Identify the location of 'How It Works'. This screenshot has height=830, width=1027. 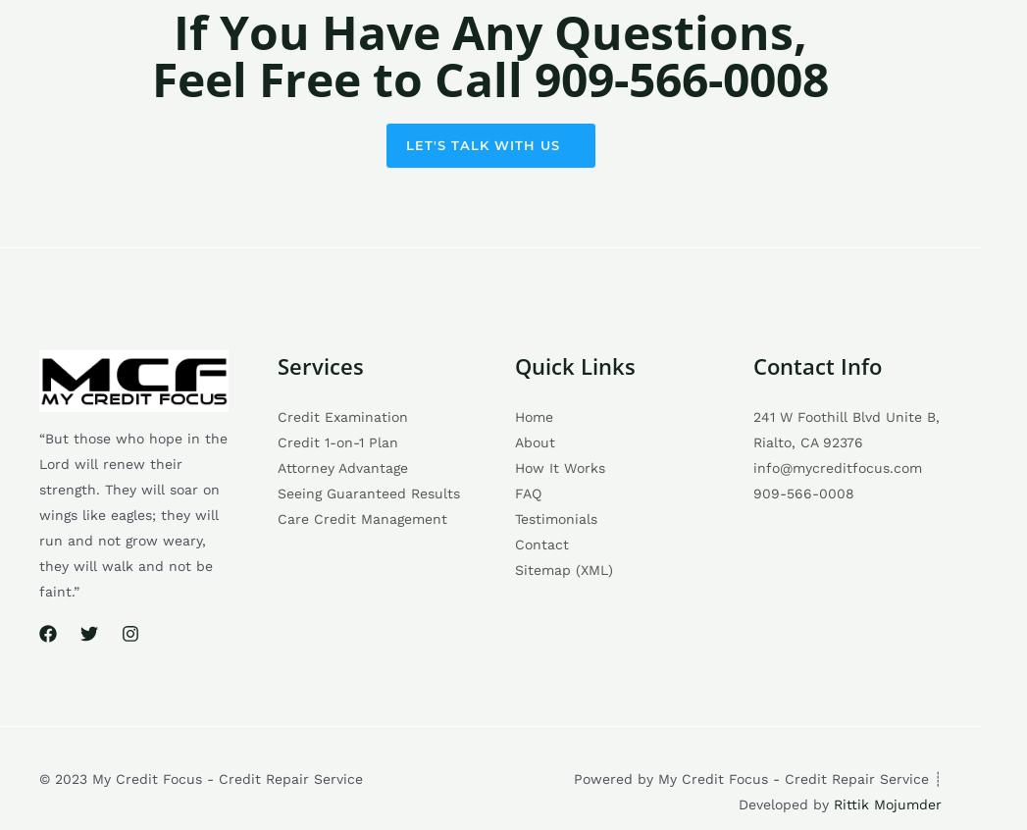
(560, 465).